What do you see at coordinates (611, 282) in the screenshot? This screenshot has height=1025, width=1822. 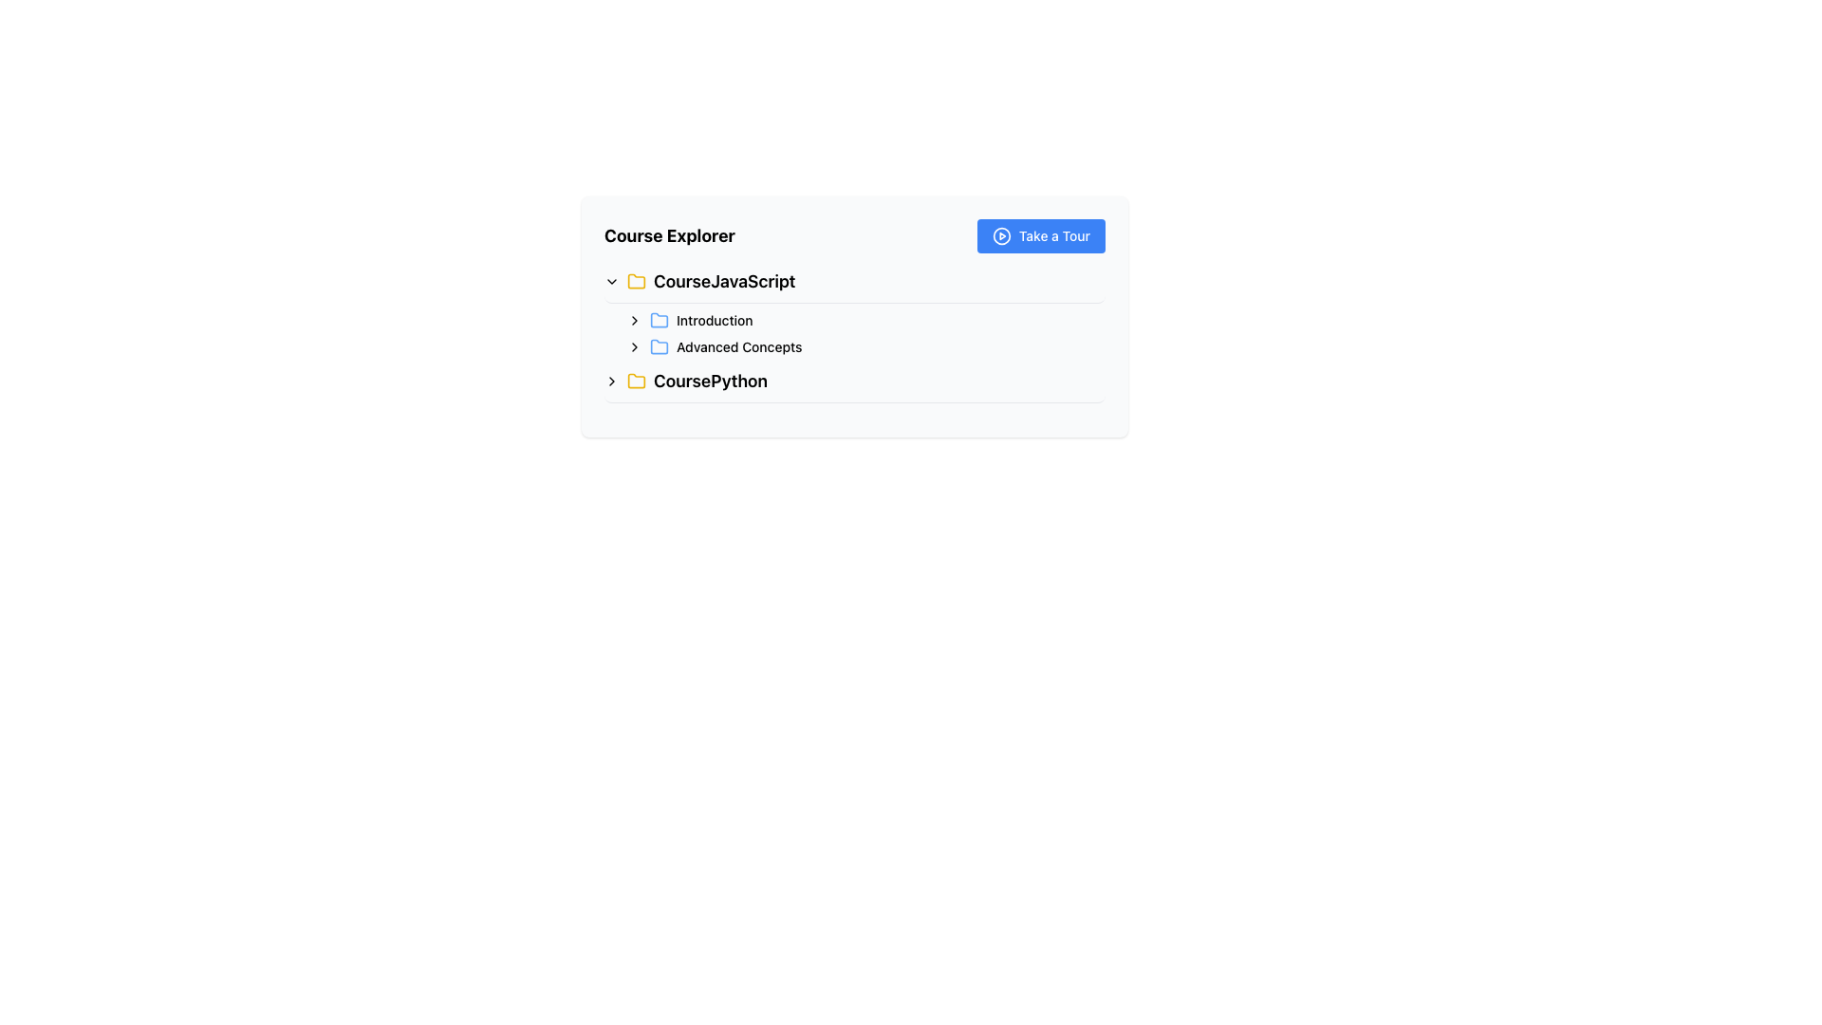 I see `the collapsible toggle icon for the 'CourseJavaScript' section` at bounding box center [611, 282].